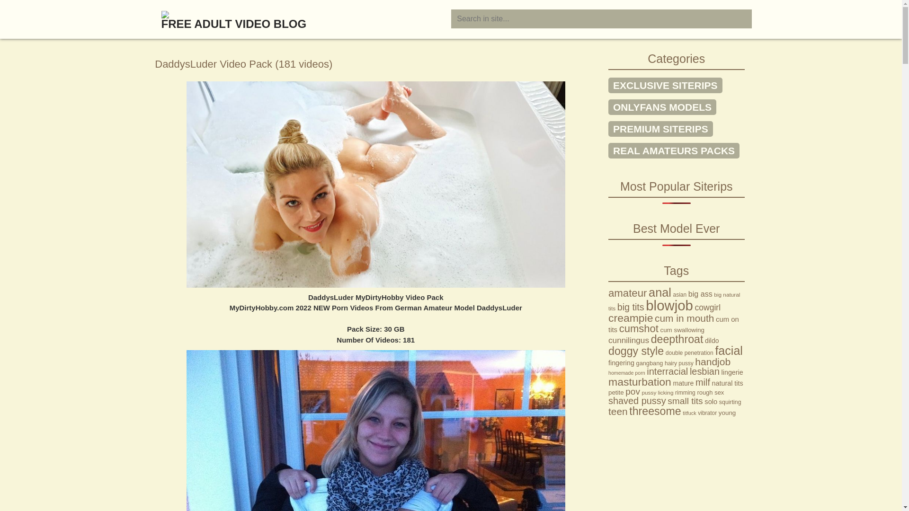  I want to click on 'creampie', so click(631, 317).